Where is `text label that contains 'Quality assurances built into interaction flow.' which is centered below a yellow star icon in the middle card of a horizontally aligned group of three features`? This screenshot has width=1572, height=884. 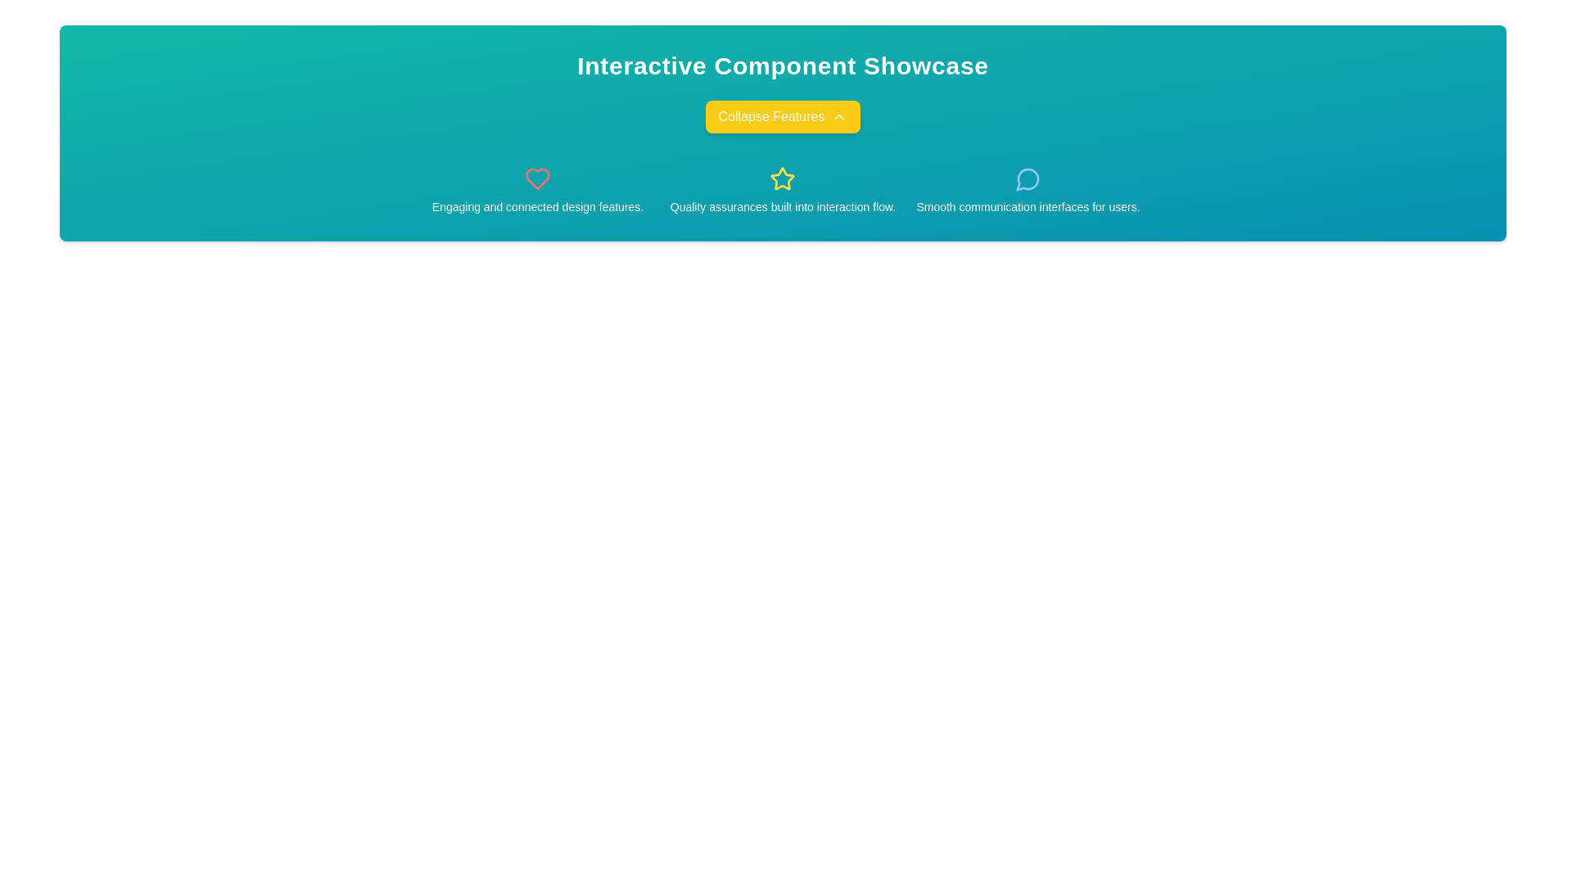
text label that contains 'Quality assurances built into interaction flow.' which is centered below a yellow star icon in the middle card of a horizontally aligned group of three features is located at coordinates (782, 206).